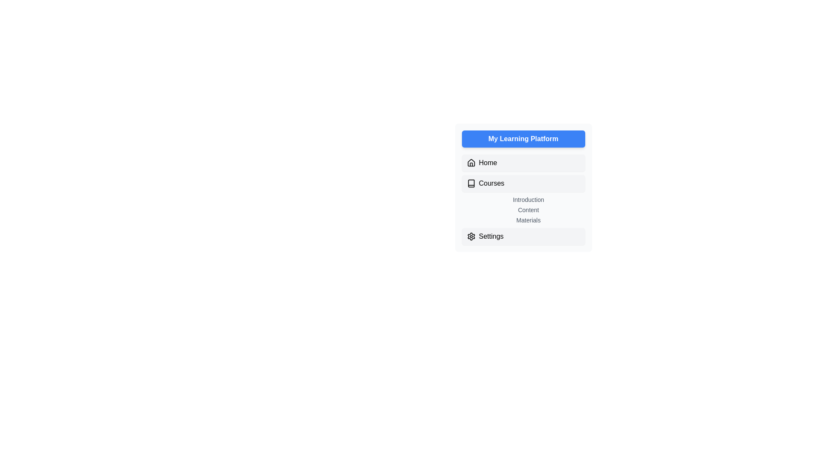 This screenshot has height=462, width=822. What do you see at coordinates (528, 210) in the screenshot?
I see `the 'Content' hyperlink text located in the sidebar menu under the 'Courses' section` at bounding box center [528, 210].